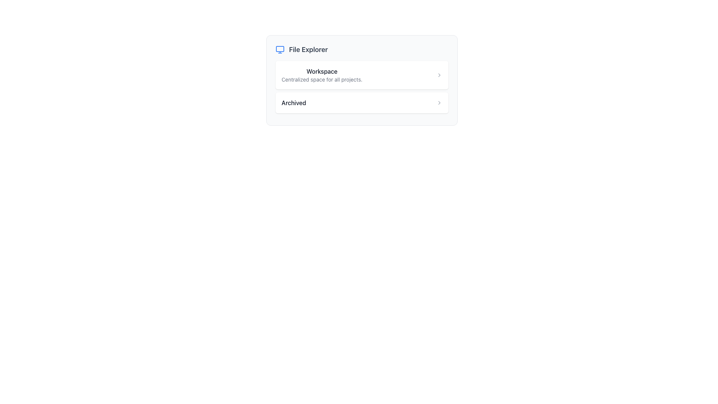  What do you see at coordinates (279, 49) in the screenshot?
I see `the decorative icon representing the 'File Explorer' section, which is positioned to the left of the text 'File Explorer' in the upper section of the interface` at bounding box center [279, 49].